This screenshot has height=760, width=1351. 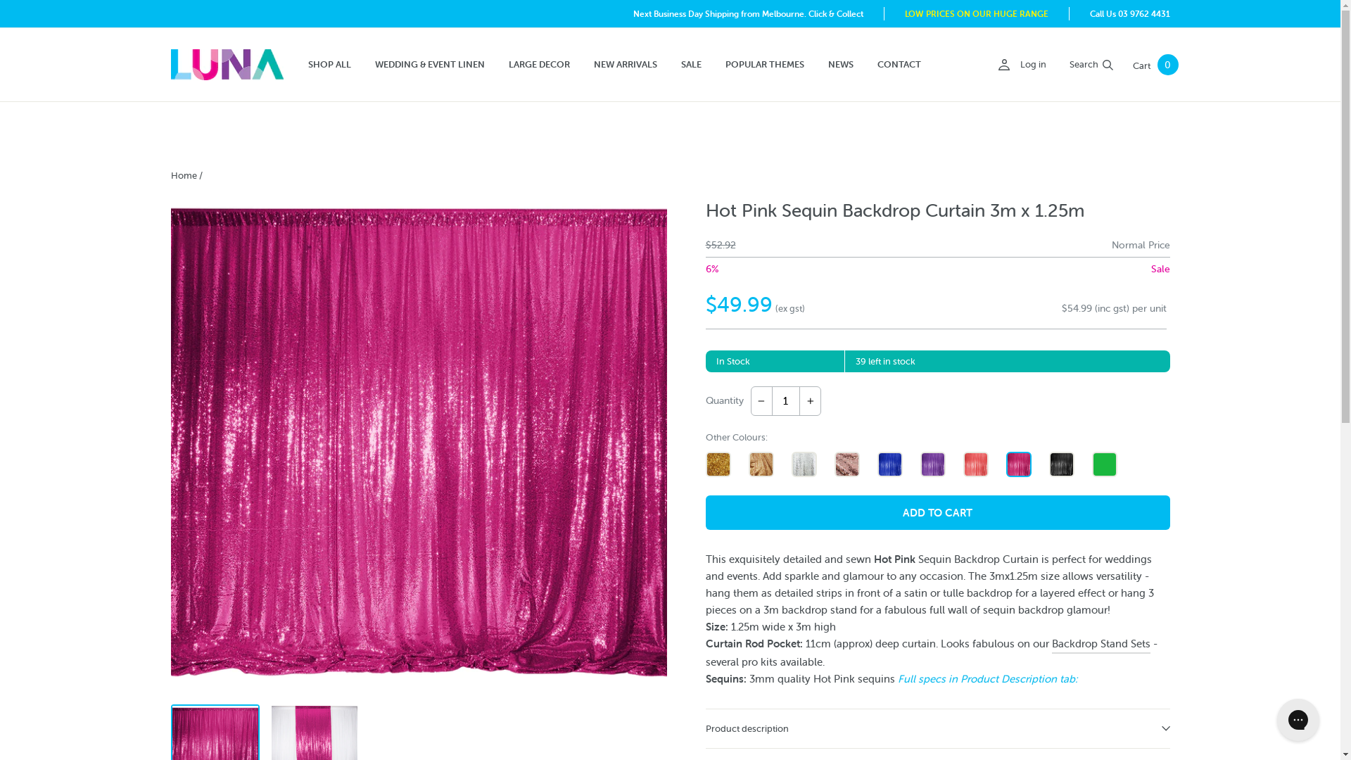 What do you see at coordinates (760, 464) in the screenshot?
I see `'Sequin Antique Gold'` at bounding box center [760, 464].